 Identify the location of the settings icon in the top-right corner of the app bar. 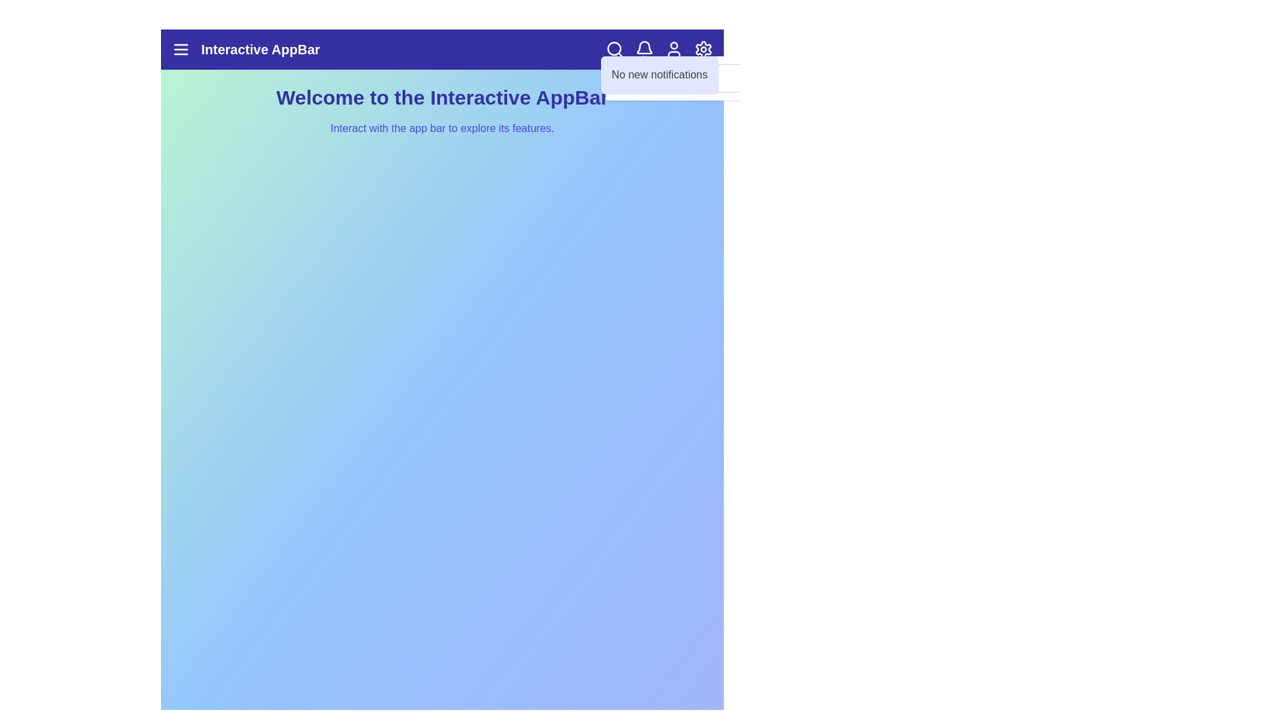
(703, 48).